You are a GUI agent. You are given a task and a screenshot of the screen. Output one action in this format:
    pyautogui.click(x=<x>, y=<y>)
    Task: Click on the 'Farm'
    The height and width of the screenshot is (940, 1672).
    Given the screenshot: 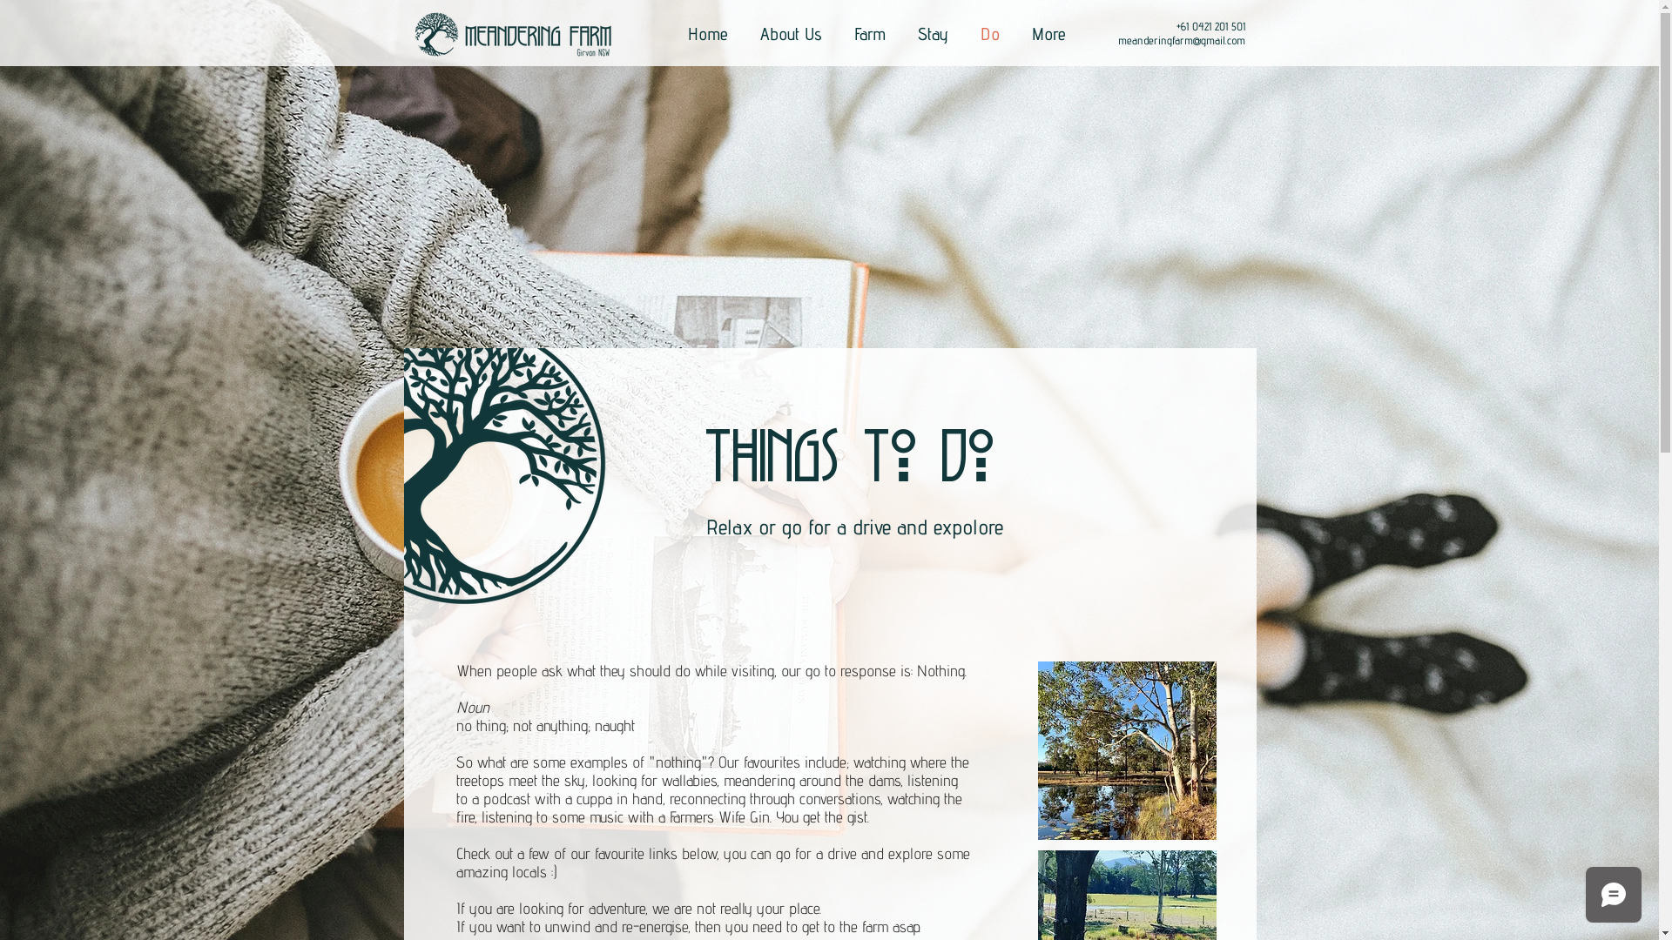 What is the action you would take?
    pyautogui.click(x=837, y=34)
    